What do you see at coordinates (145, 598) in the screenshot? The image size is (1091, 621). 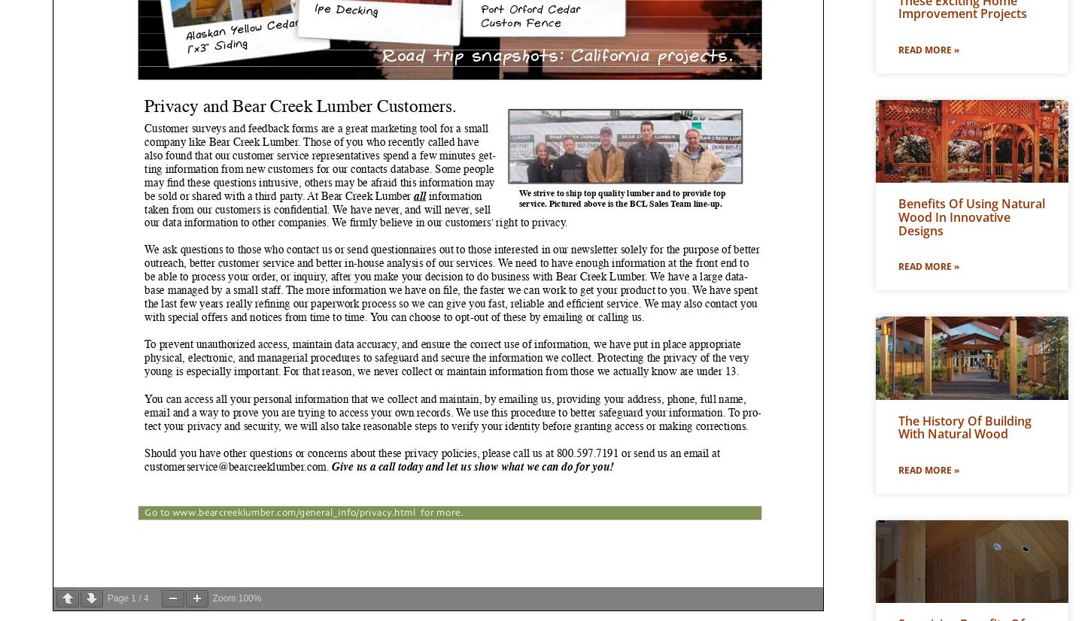 I see `'4'` at bounding box center [145, 598].